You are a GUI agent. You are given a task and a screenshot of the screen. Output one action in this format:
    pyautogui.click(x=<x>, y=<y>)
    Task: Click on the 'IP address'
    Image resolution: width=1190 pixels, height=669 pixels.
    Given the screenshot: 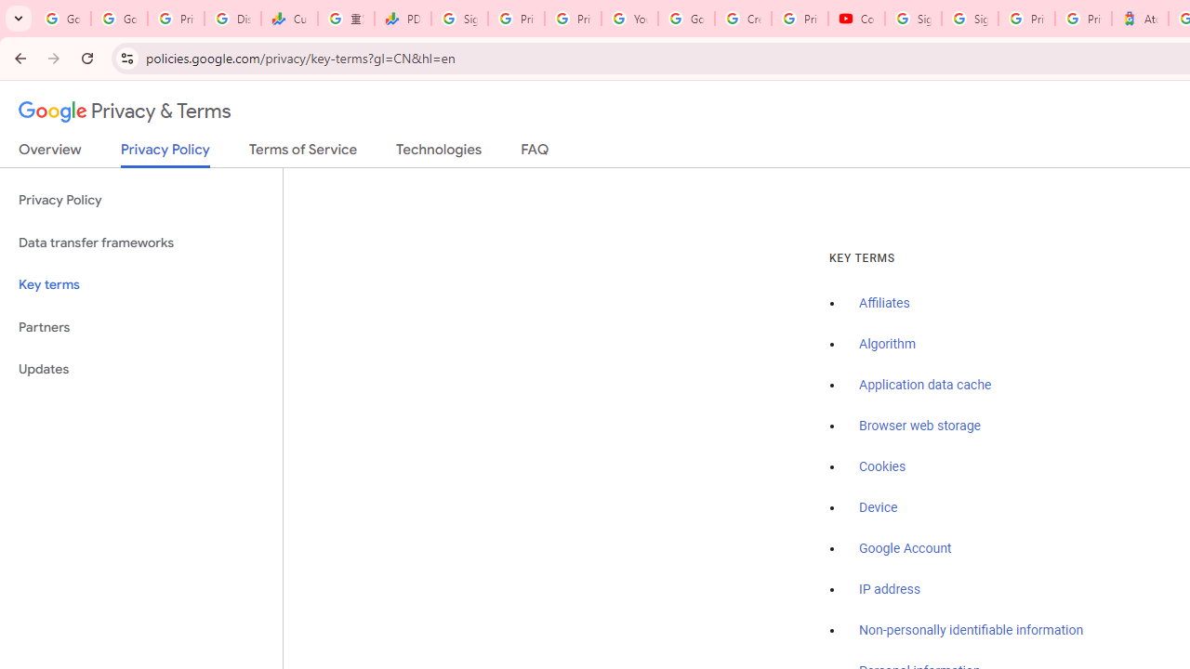 What is the action you would take?
    pyautogui.click(x=888, y=589)
    